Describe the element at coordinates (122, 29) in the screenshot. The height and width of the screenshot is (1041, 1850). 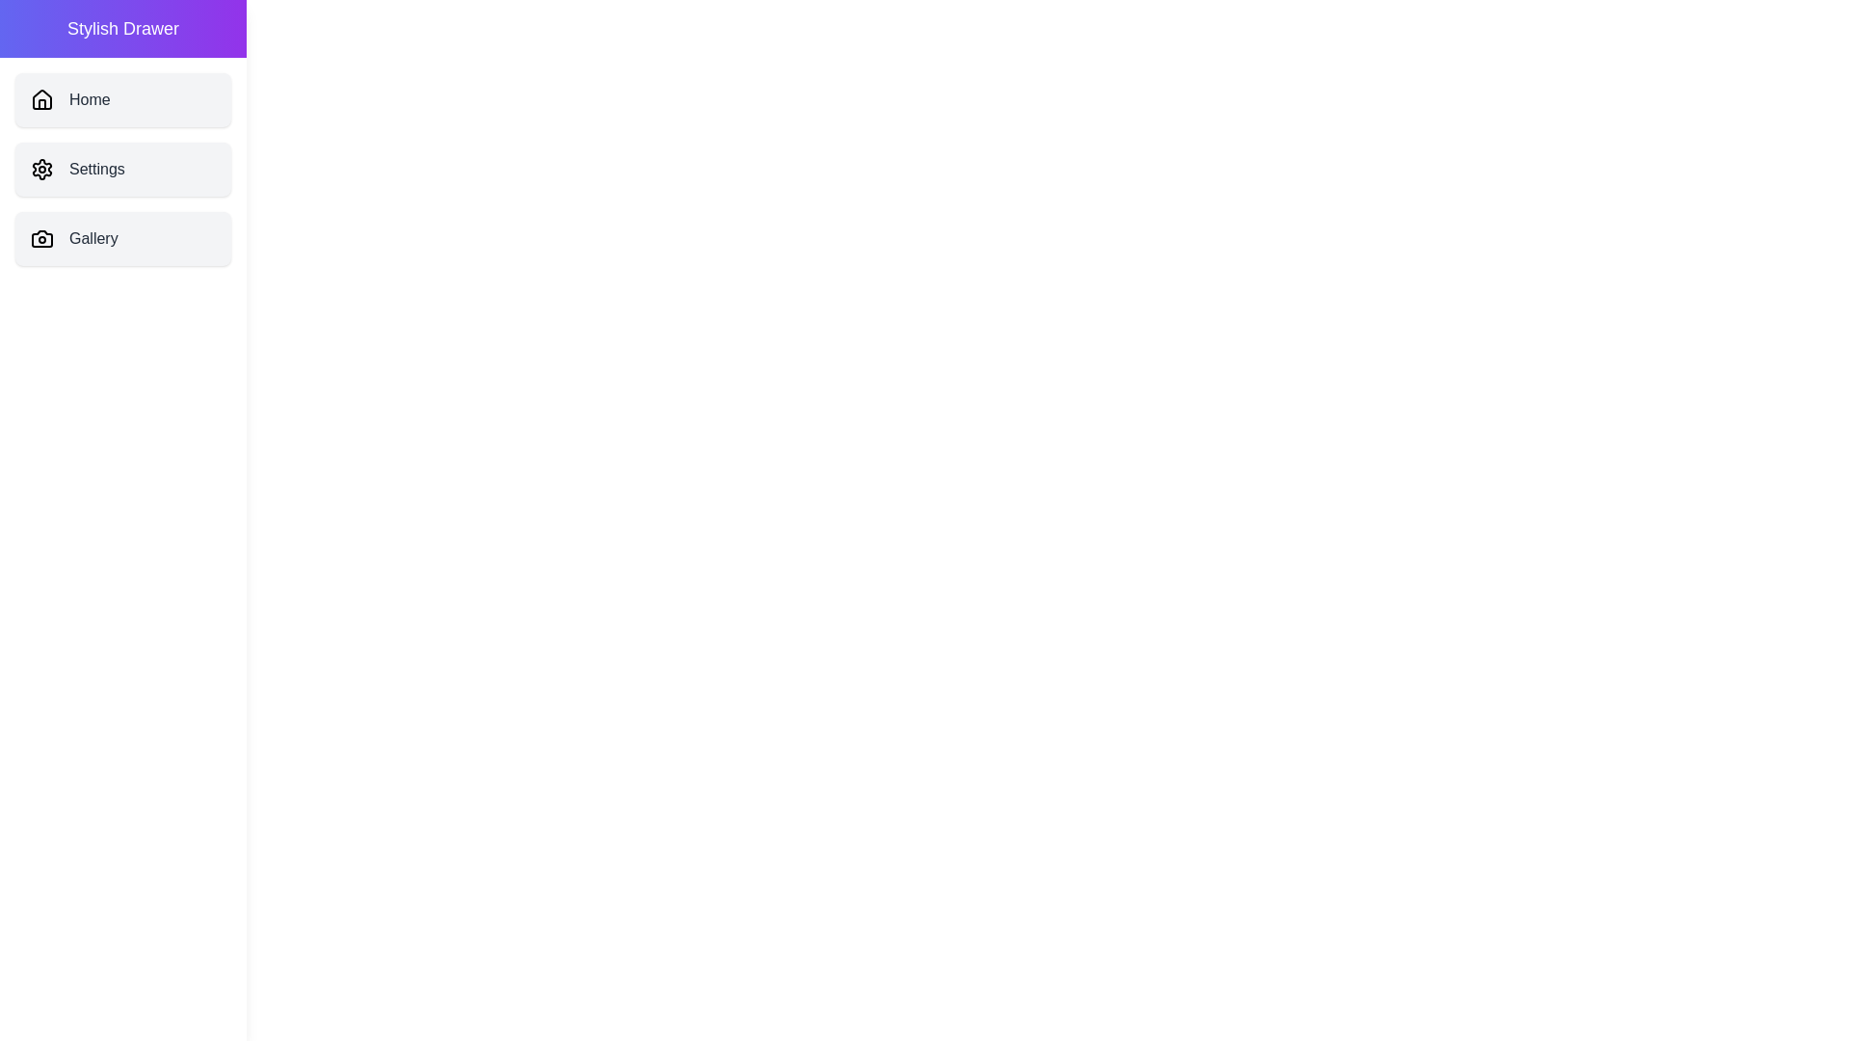
I see `the Stylish Drawer header to inspect it` at that location.